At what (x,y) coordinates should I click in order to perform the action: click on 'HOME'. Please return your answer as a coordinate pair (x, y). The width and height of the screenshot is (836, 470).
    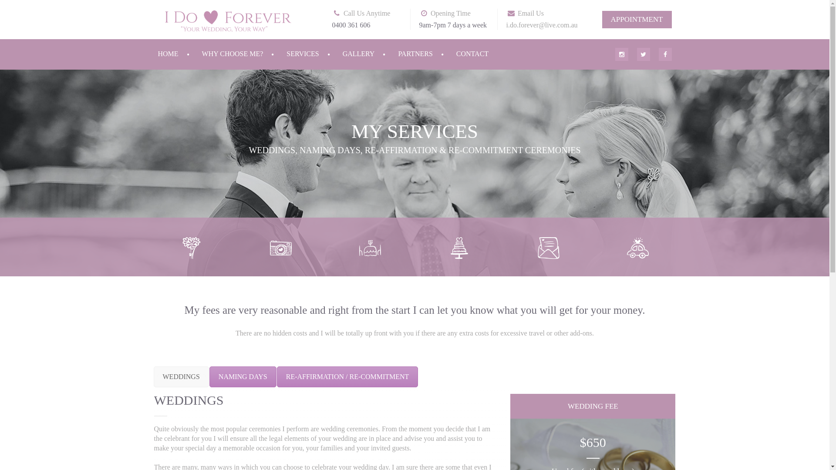
    Looking at the image, I should click on (177, 54).